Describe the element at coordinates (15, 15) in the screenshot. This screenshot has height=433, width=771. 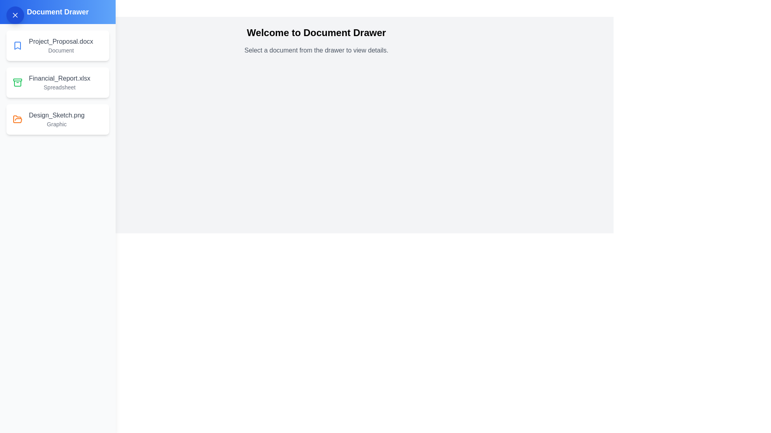
I see `the toggle button at the top left to open or close the drawer` at that location.